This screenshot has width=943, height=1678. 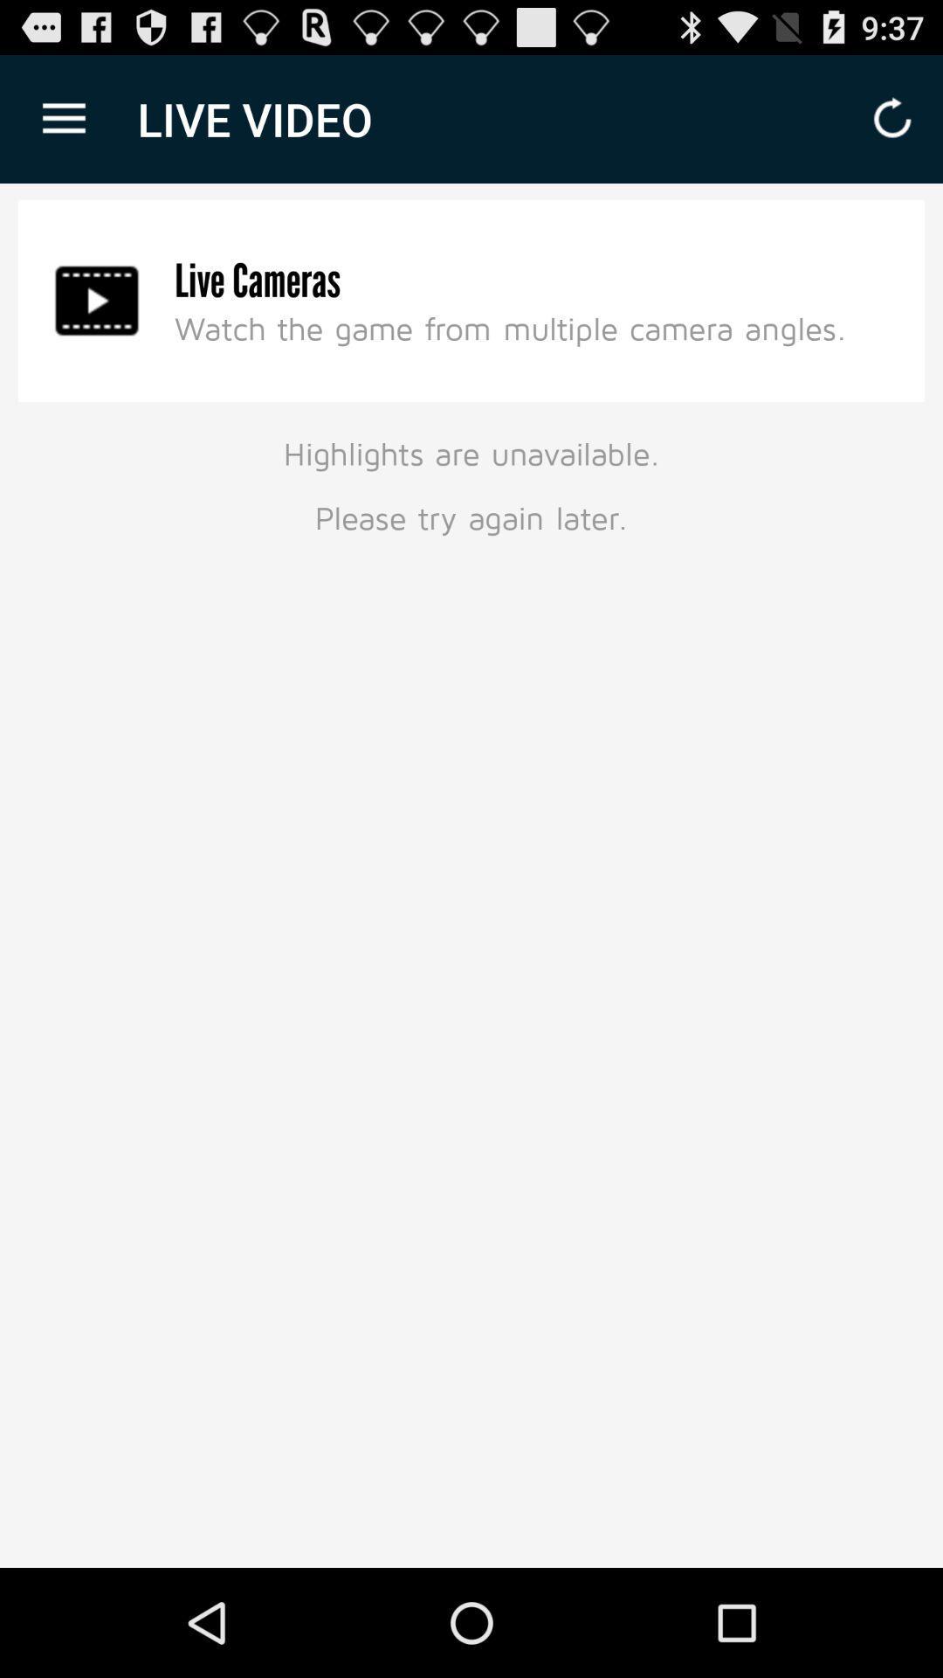 What do you see at coordinates (511, 328) in the screenshot?
I see `the icon below live cameras item` at bounding box center [511, 328].